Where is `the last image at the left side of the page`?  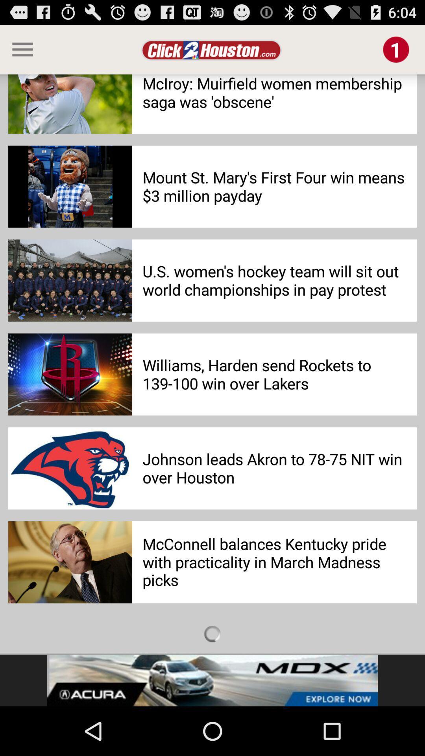 the last image at the left side of the page is located at coordinates (70, 562).